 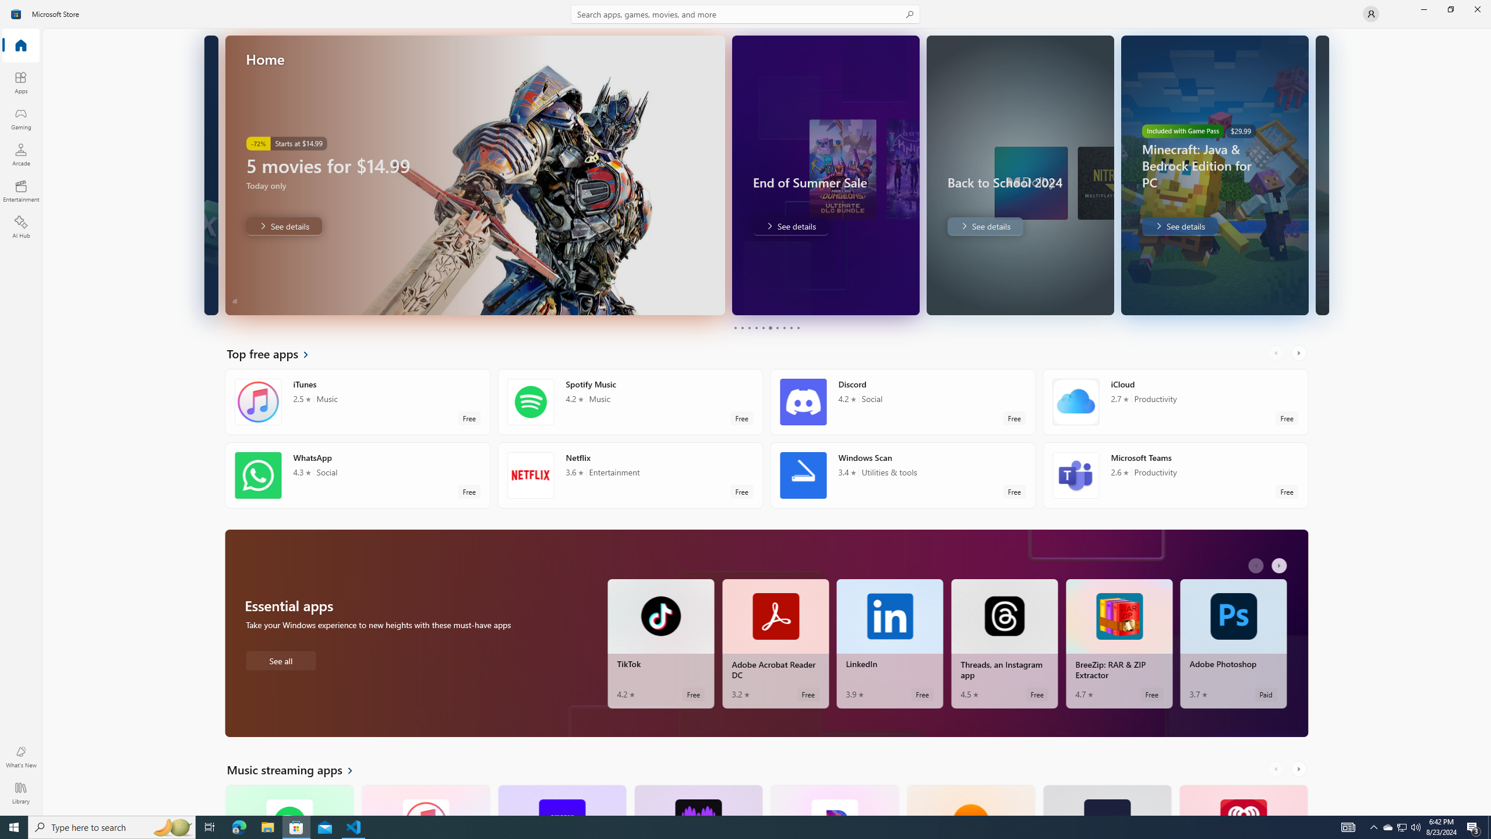 I want to click on 'What', so click(x=20, y=756).